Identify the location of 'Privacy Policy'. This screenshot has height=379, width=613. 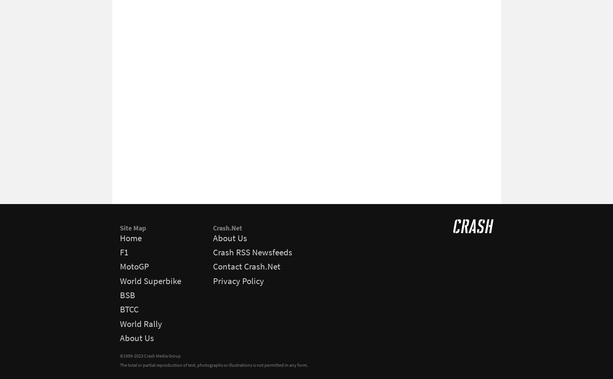
(238, 280).